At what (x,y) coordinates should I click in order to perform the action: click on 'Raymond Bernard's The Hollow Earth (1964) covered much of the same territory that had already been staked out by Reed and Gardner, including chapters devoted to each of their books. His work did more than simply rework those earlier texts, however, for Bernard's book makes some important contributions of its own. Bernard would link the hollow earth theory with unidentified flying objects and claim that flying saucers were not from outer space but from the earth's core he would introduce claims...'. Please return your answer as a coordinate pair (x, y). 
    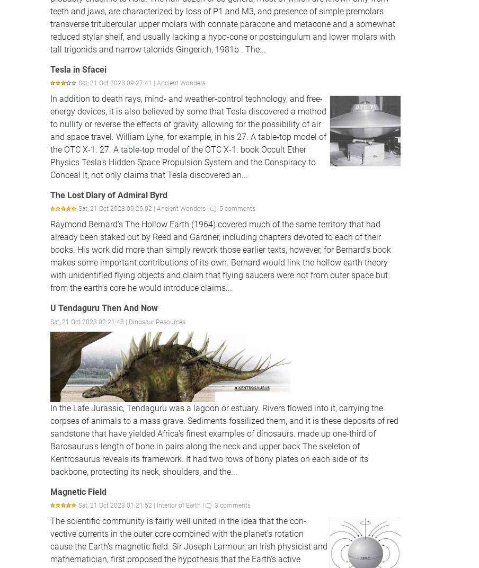
    Looking at the image, I should click on (220, 256).